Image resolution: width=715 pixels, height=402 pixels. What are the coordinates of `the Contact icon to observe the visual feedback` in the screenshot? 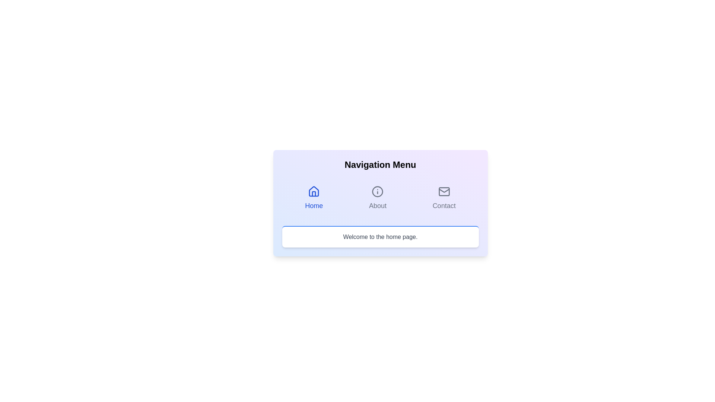 It's located at (444, 191).